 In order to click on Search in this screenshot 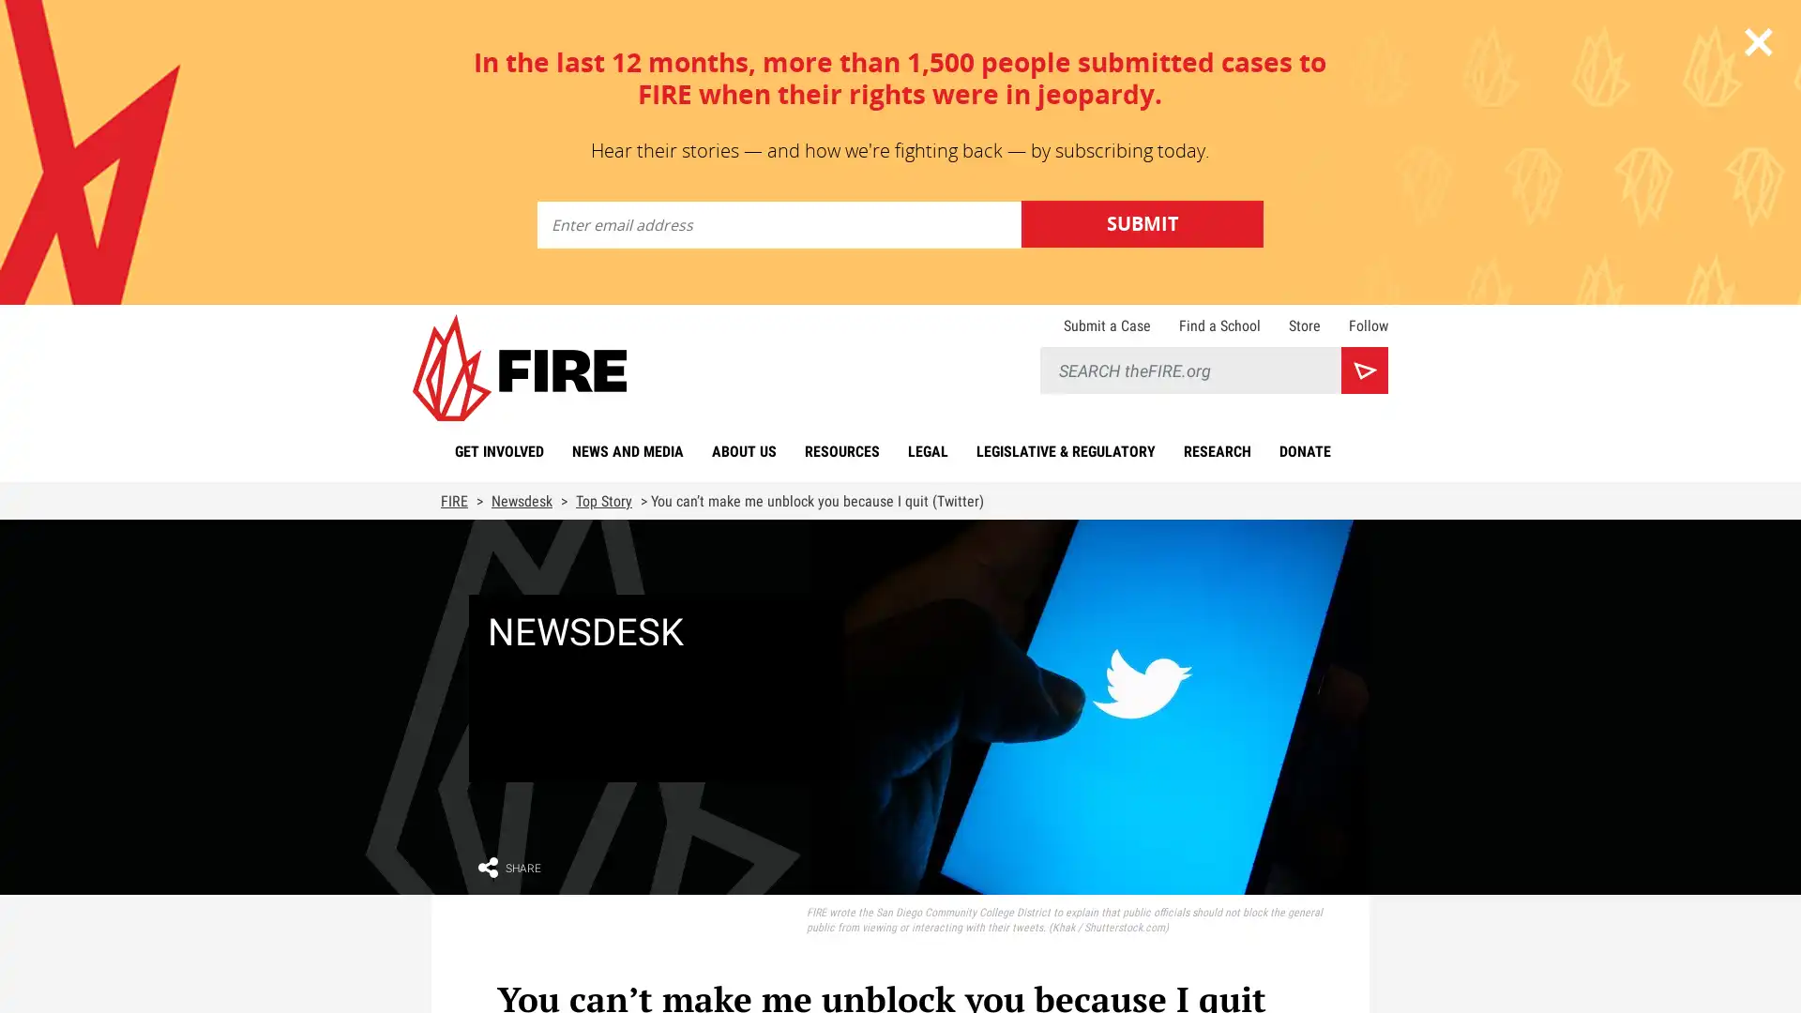, I will do `click(1364, 370)`.